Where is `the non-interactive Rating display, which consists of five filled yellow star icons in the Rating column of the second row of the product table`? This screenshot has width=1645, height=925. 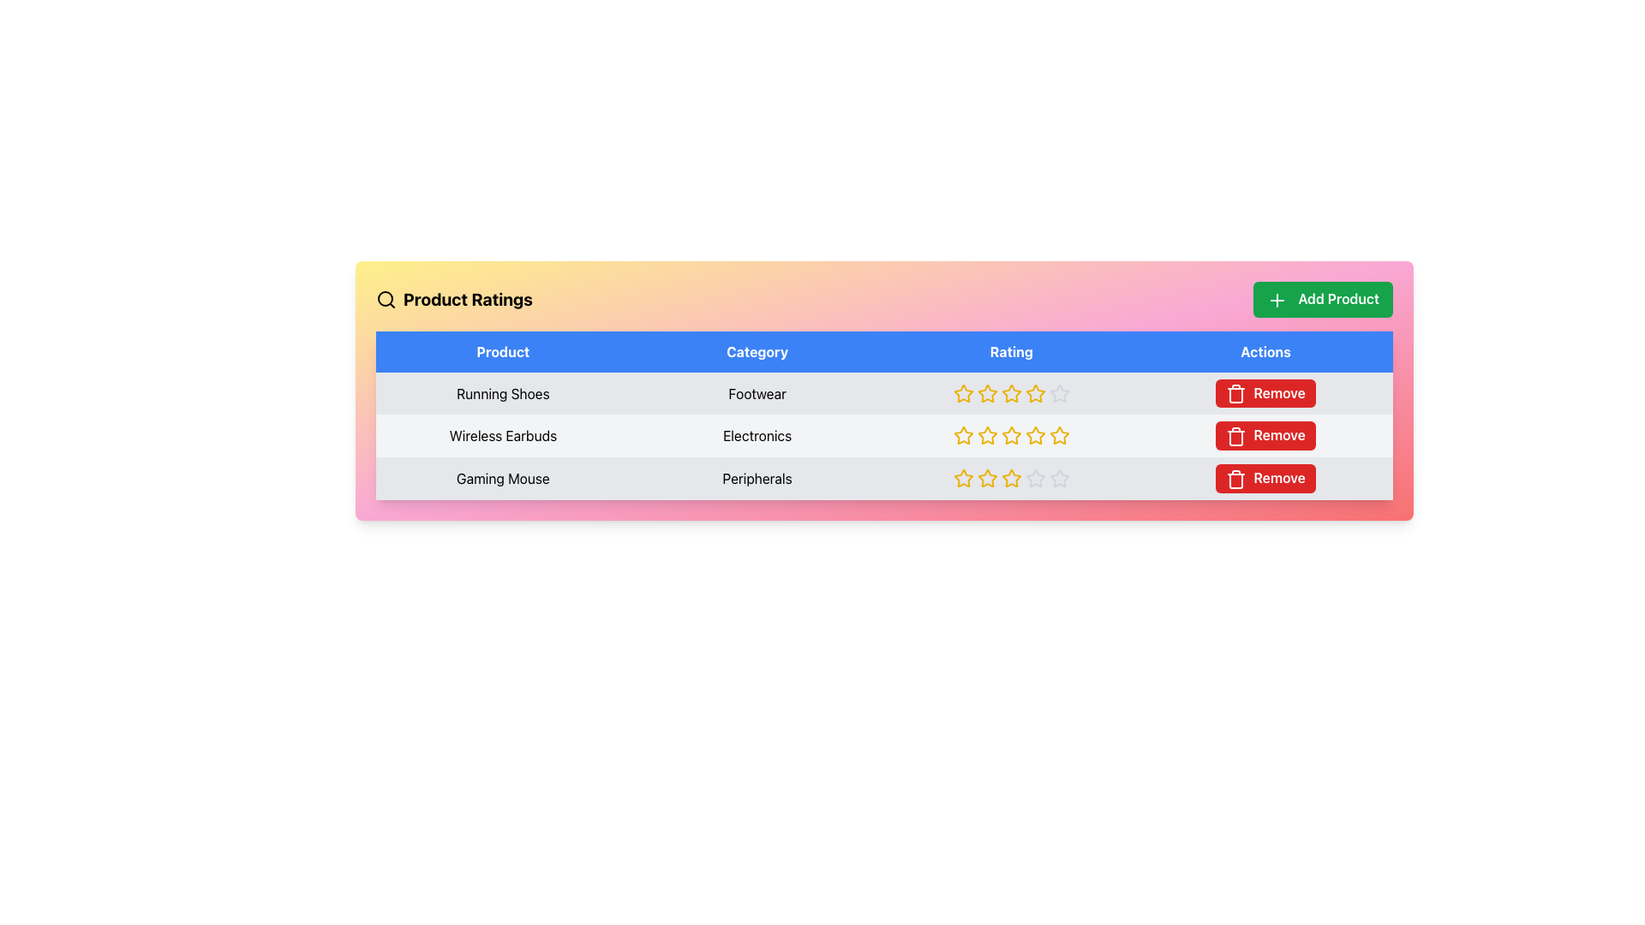 the non-interactive Rating display, which consists of five filled yellow star icons in the Rating column of the second row of the product table is located at coordinates (1011, 435).